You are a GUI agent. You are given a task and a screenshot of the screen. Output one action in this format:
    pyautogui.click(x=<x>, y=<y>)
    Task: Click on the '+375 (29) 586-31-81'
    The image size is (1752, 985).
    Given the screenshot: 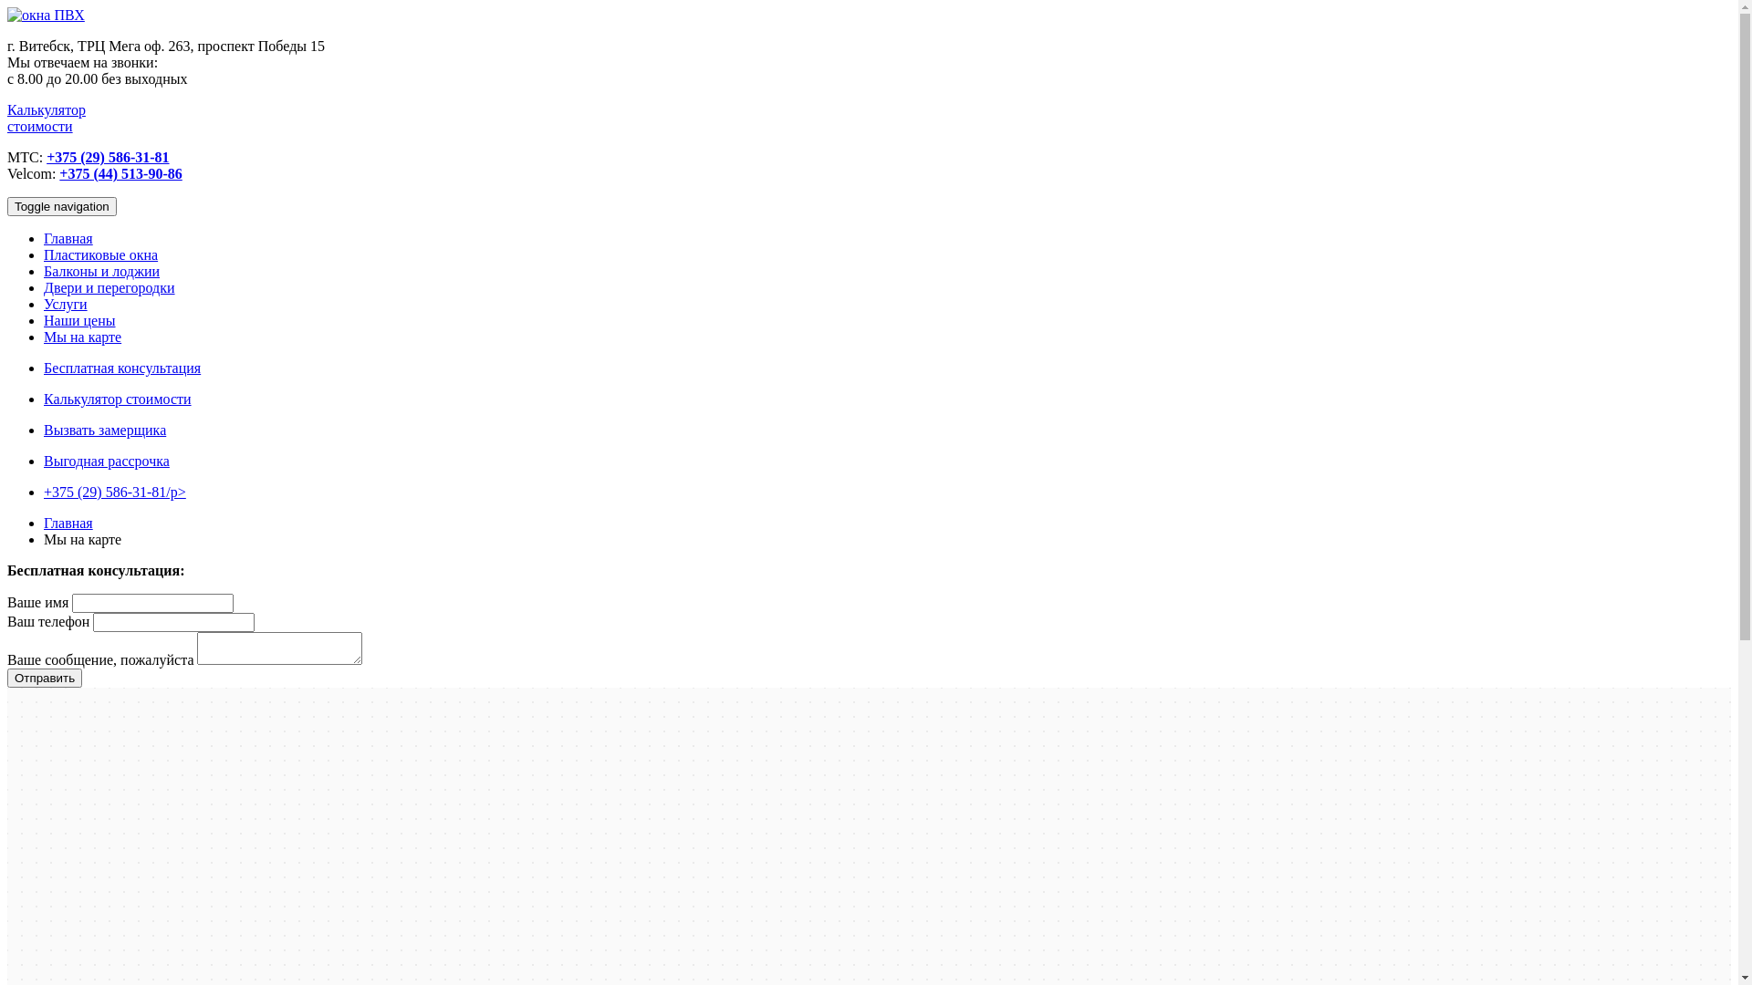 What is the action you would take?
    pyautogui.click(x=107, y=156)
    